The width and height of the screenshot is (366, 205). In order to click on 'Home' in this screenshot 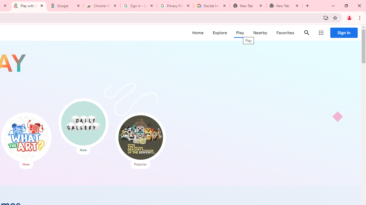, I will do `click(198, 33)`.